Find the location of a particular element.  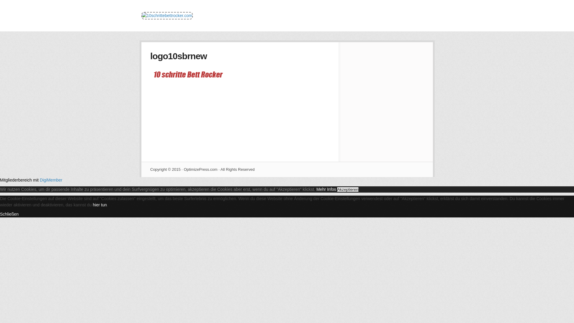

'Akzeptieren' is located at coordinates (347, 189).